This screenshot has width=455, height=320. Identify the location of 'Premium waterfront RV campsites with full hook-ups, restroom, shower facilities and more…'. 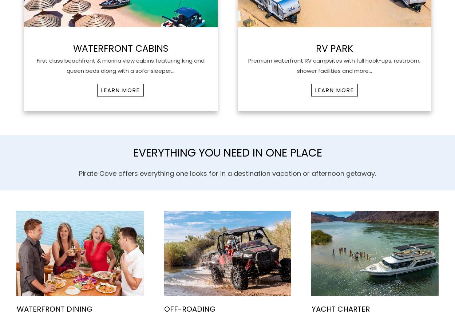
(334, 65).